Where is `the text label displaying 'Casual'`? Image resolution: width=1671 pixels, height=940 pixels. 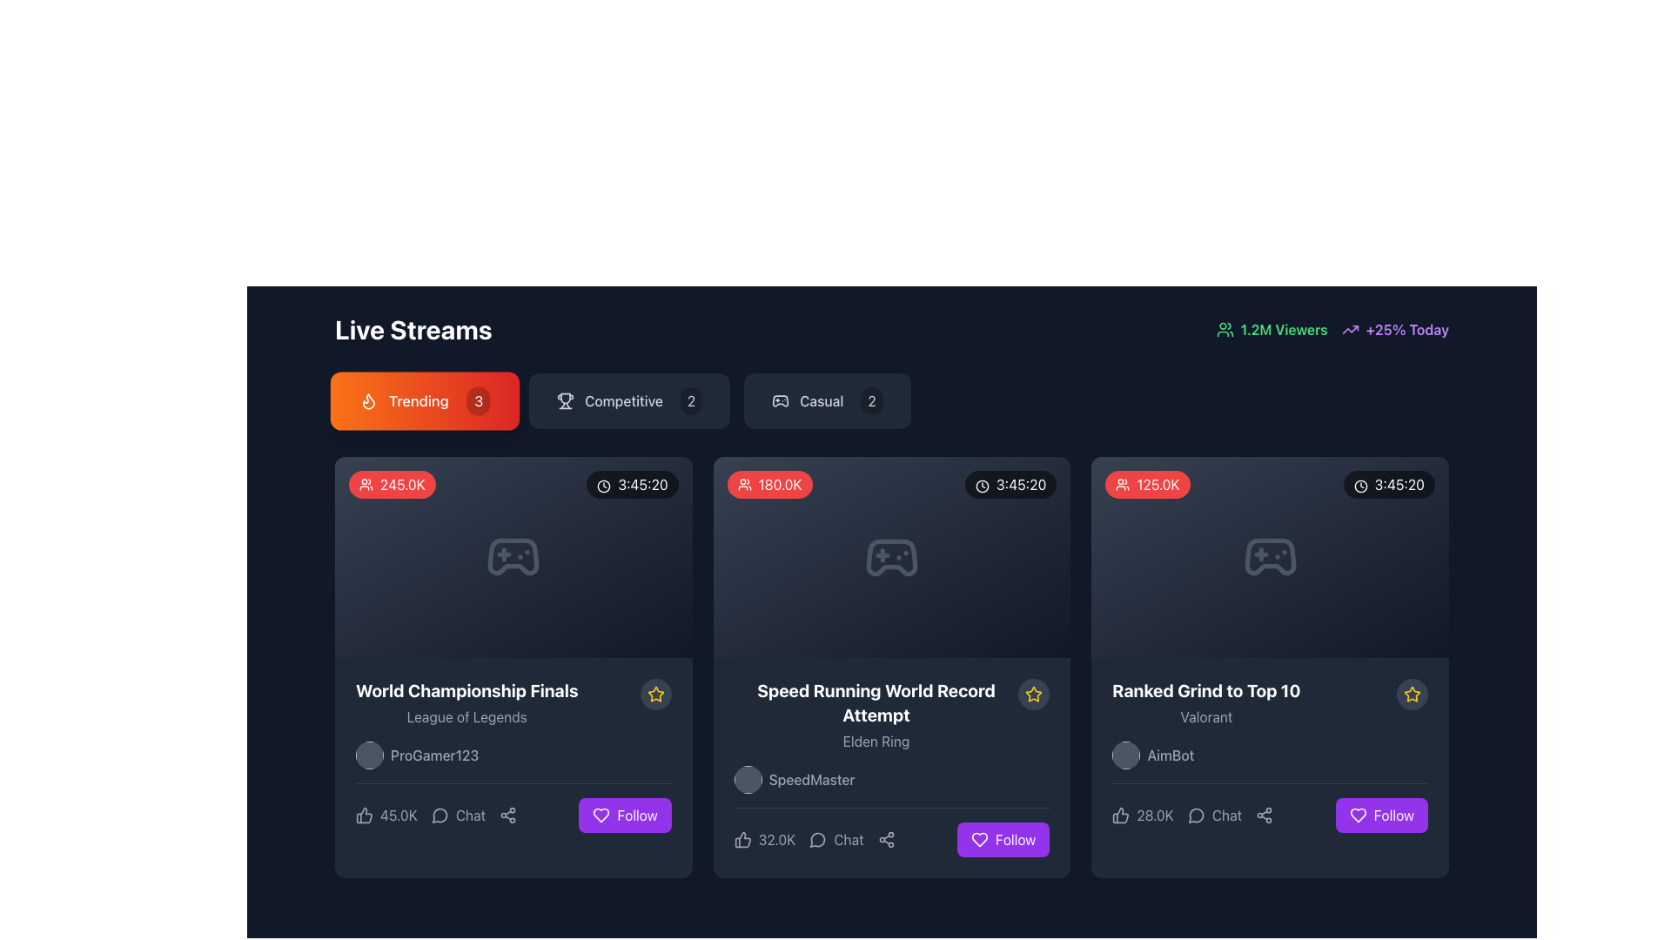
the text label displaying 'Casual' is located at coordinates (821, 401).